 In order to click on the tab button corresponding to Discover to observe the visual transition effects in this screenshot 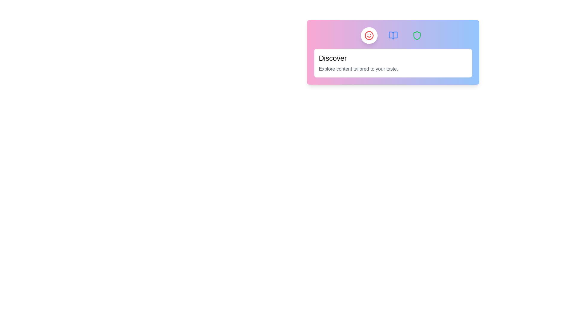, I will do `click(369, 36)`.